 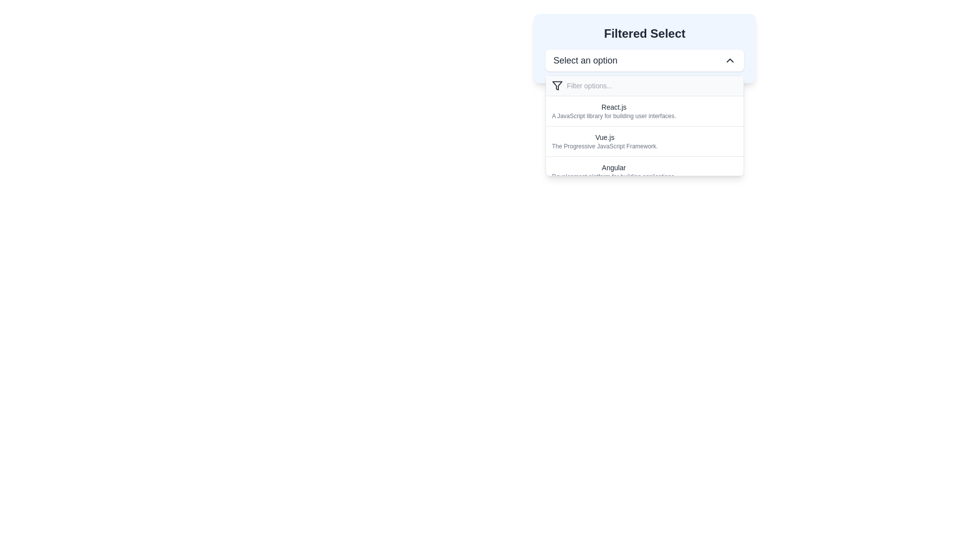 I want to click on the dropdown option item for 'Vue.js' in the 'Filtered Select' menu, so click(x=604, y=141).